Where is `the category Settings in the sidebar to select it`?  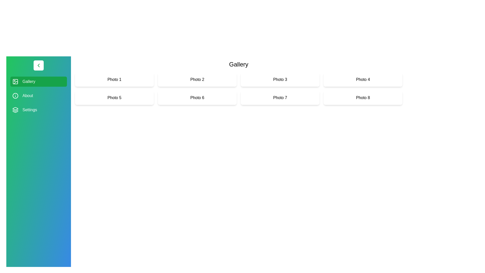
the category Settings in the sidebar to select it is located at coordinates (38, 110).